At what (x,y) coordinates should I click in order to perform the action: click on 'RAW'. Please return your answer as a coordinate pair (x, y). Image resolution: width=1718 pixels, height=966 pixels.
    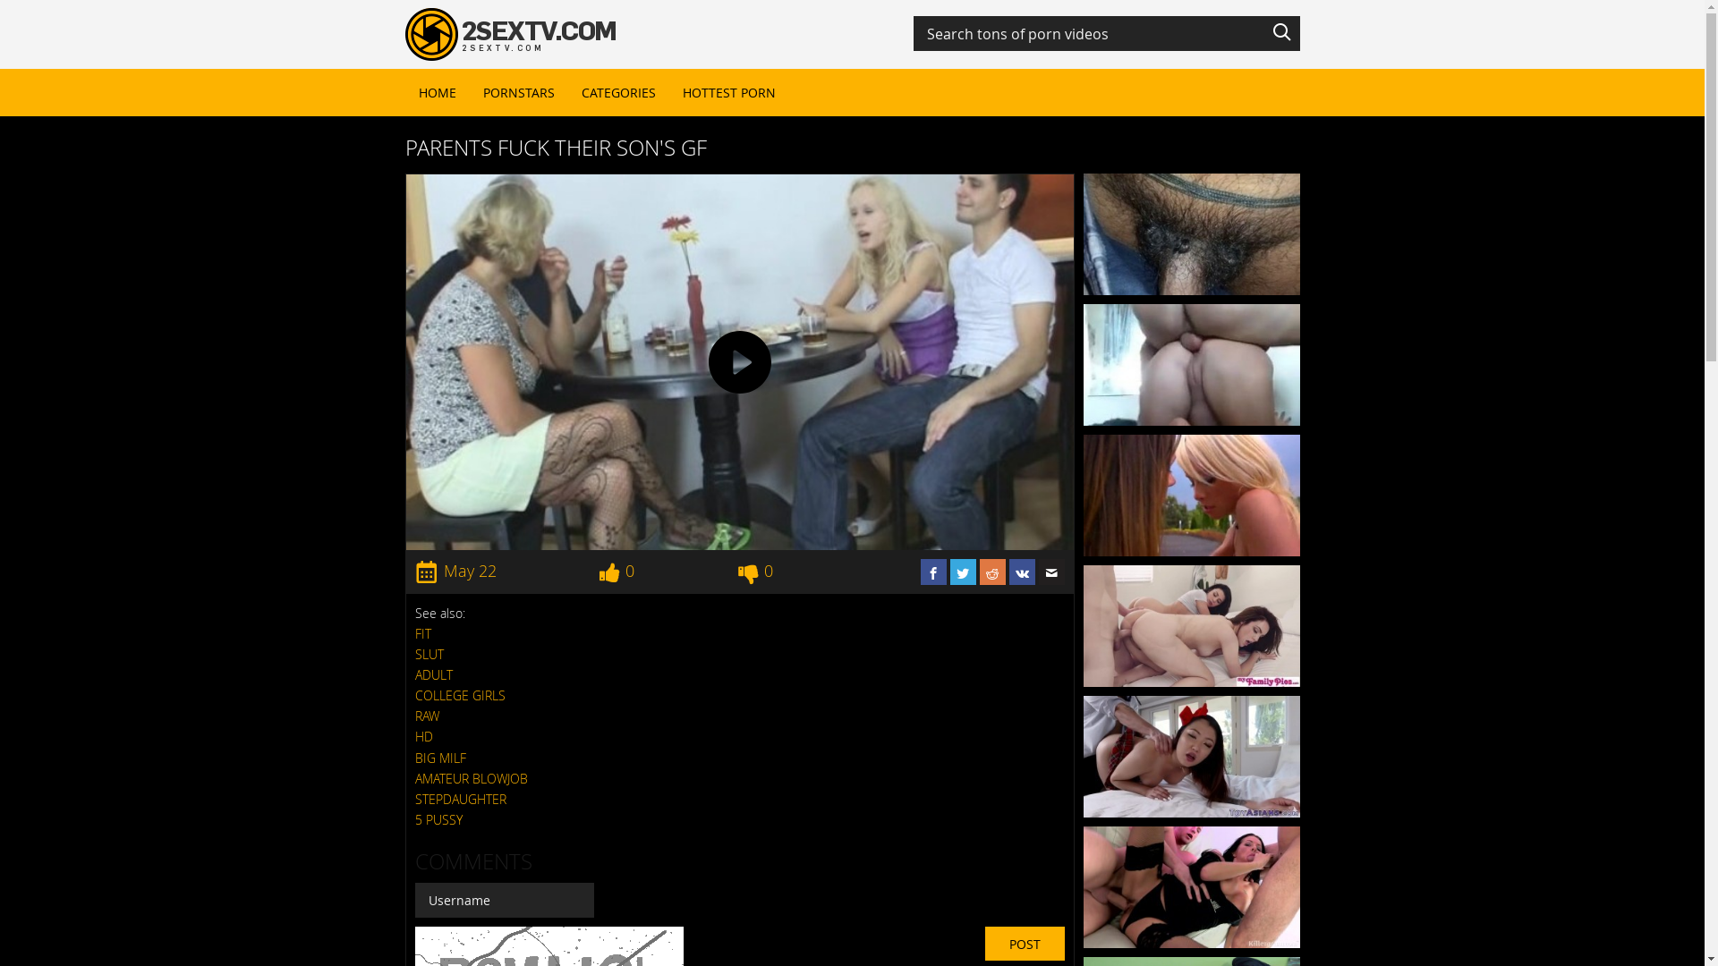
    Looking at the image, I should click on (414, 715).